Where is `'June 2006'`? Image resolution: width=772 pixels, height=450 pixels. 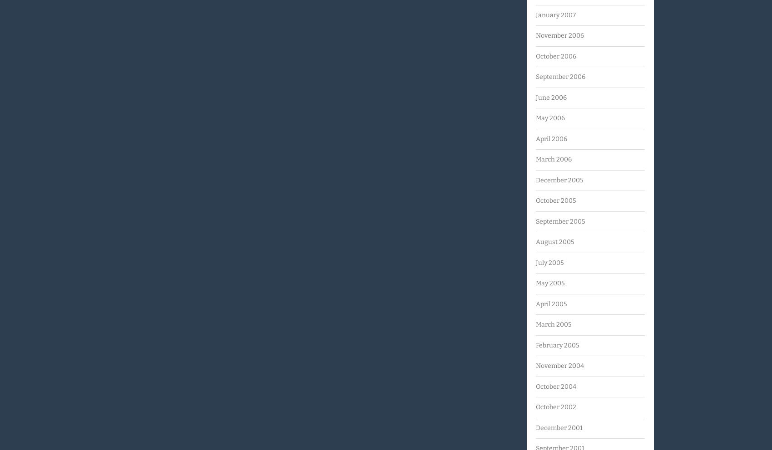
'June 2006' is located at coordinates (550, 97).